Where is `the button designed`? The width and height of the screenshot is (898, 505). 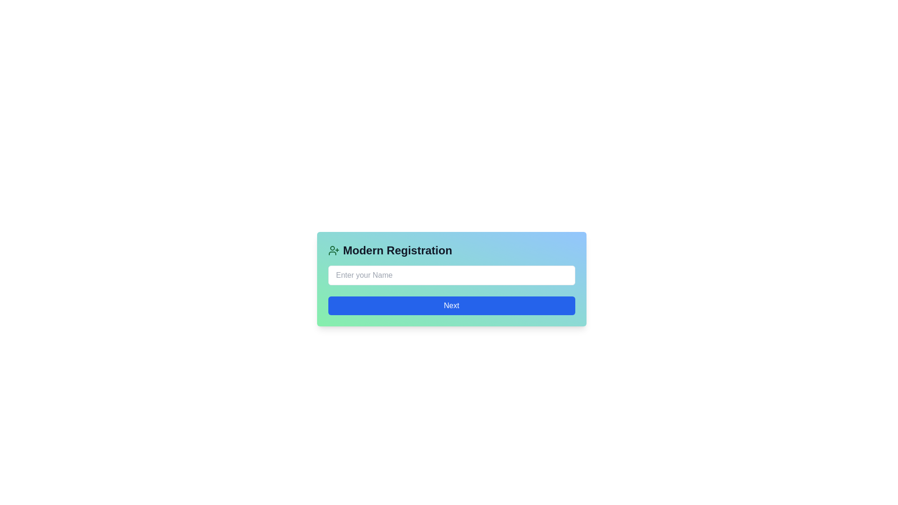 the button designed is located at coordinates (451, 306).